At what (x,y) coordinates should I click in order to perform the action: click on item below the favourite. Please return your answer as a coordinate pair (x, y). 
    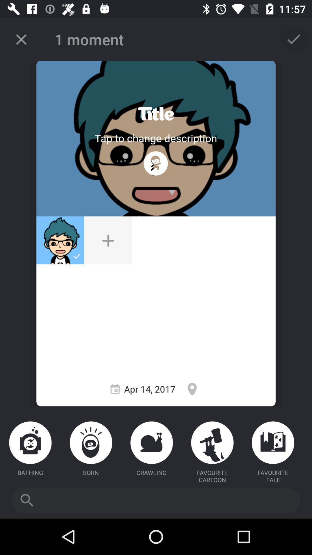
    Looking at the image, I should click on (156, 500).